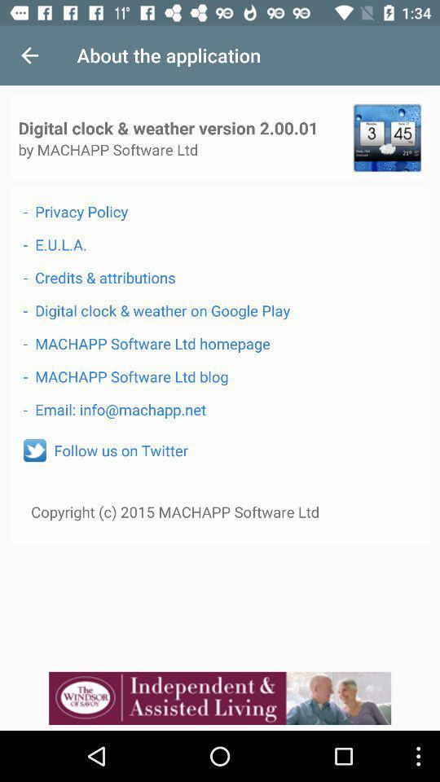  Describe the element at coordinates (220, 697) in the screenshot. I see `bottom advertisement` at that location.